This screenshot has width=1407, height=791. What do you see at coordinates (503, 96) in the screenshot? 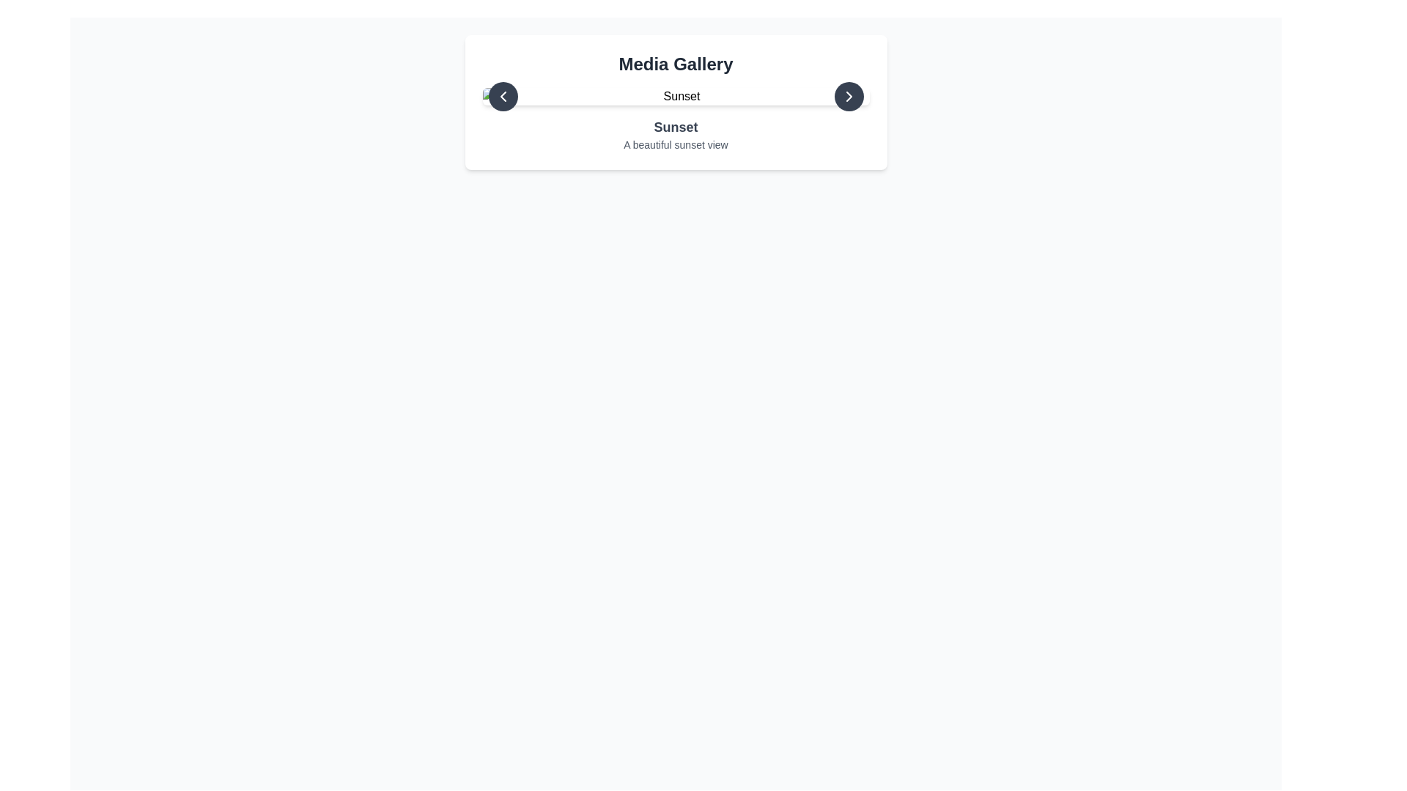
I see `the circular button with a dark gray background and a white left-facing arrow icon` at bounding box center [503, 96].